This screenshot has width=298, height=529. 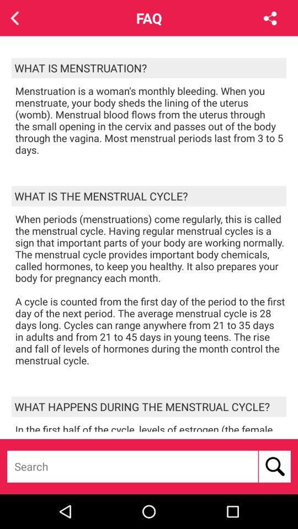 What do you see at coordinates (149, 406) in the screenshot?
I see `icon above the in the first item` at bounding box center [149, 406].